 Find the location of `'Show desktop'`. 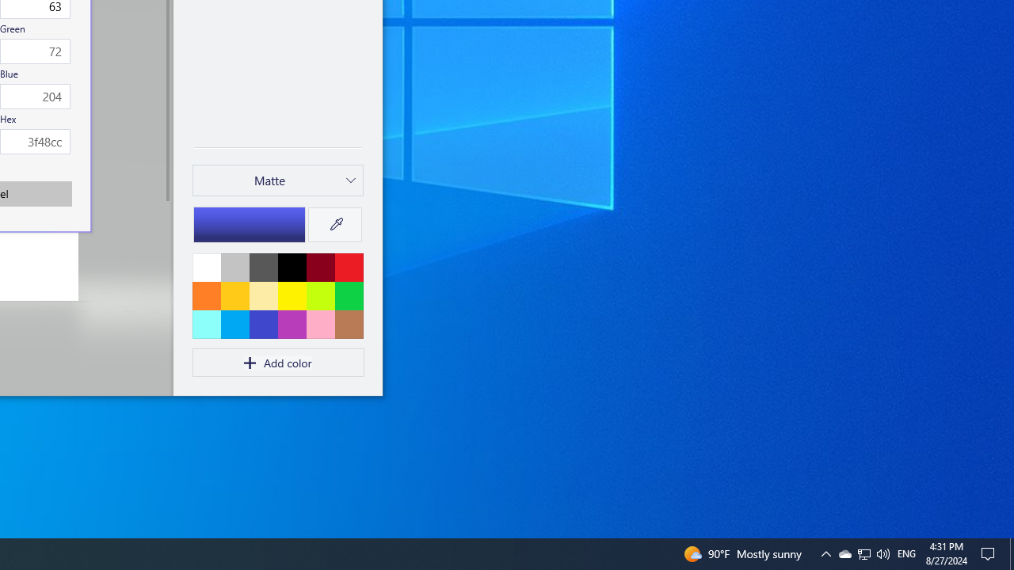

'Show desktop' is located at coordinates (1011, 553).